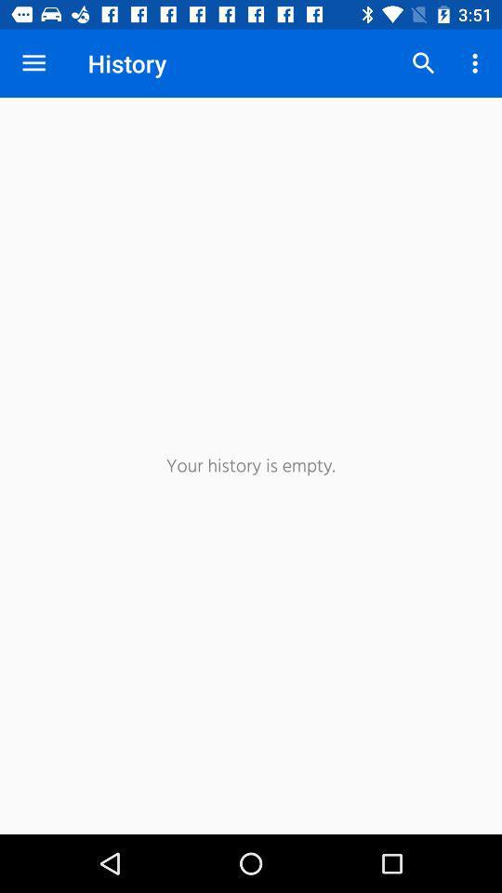 The height and width of the screenshot is (893, 502). Describe the element at coordinates (423, 63) in the screenshot. I see `the icon to the right of the history item` at that location.